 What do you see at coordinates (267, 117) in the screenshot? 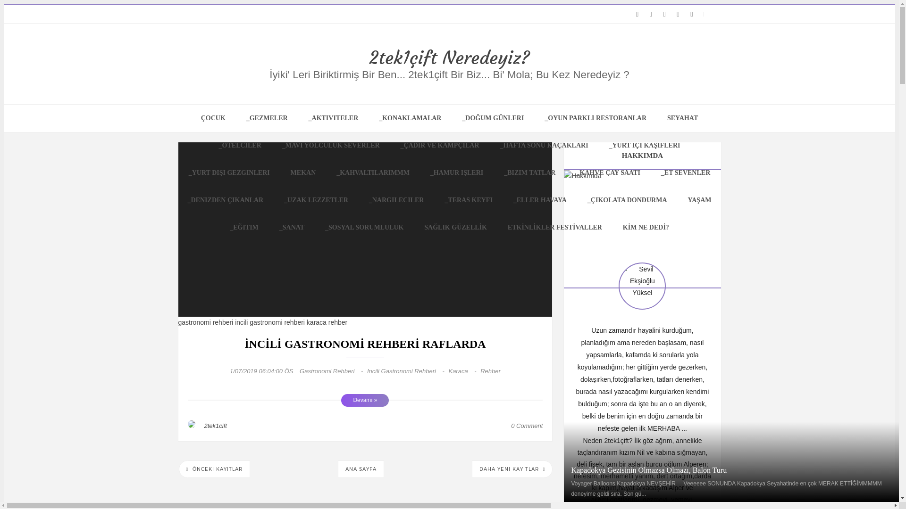
I see `'_GEZMELER'` at bounding box center [267, 117].